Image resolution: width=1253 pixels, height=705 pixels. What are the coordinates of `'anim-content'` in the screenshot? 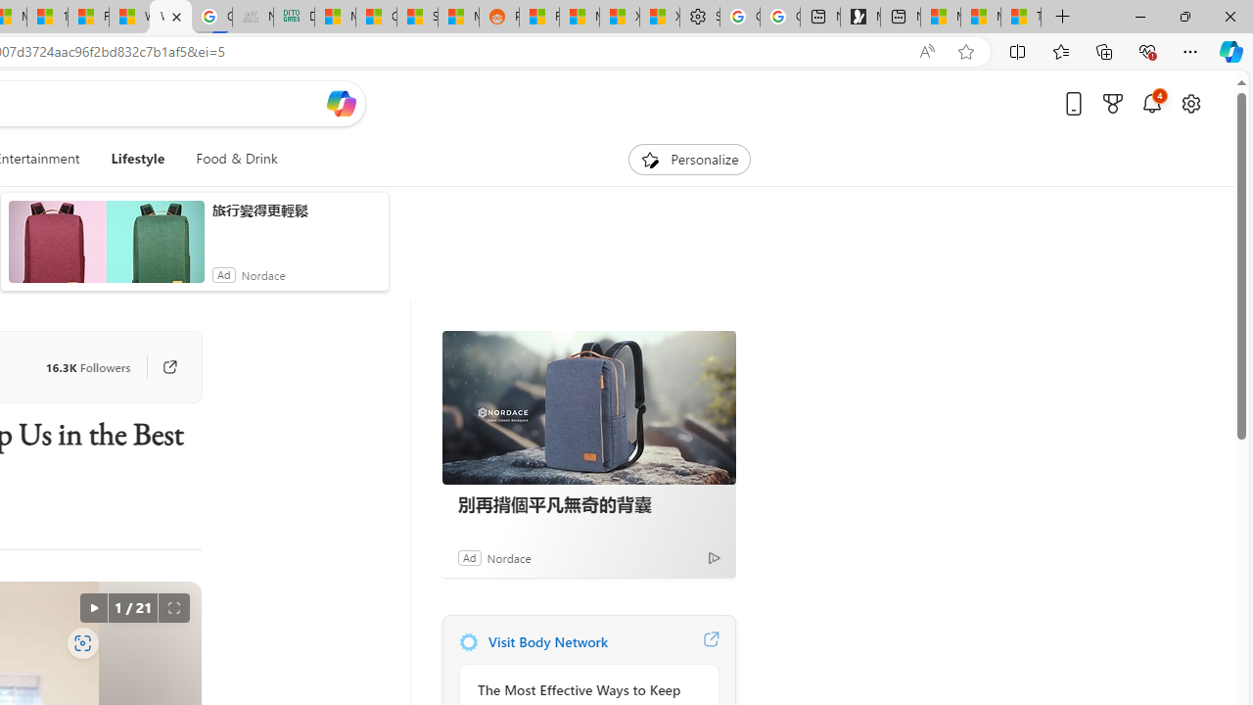 It's located at (105, 249).